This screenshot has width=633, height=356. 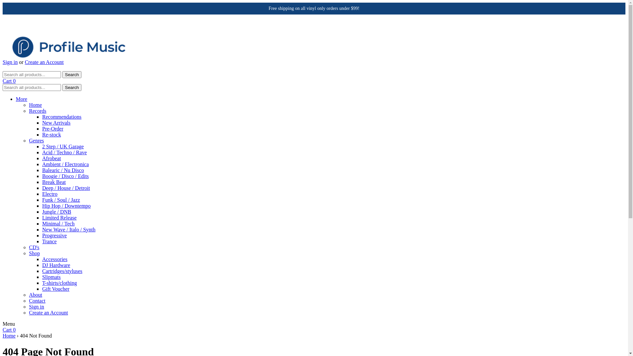 I want to click on 'Balearic / Nu Disco', so click(x=63, y=170).